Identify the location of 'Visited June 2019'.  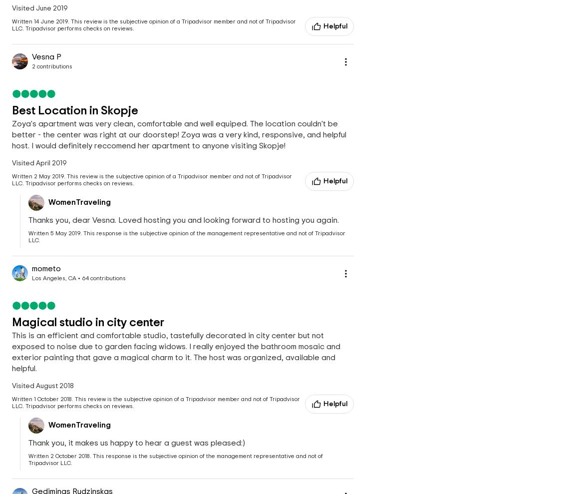
(11, 8).